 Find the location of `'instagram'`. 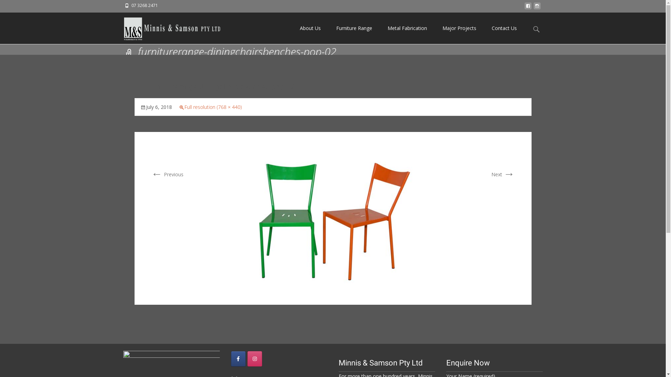

'instagram' is located at coordinates (536, 8).